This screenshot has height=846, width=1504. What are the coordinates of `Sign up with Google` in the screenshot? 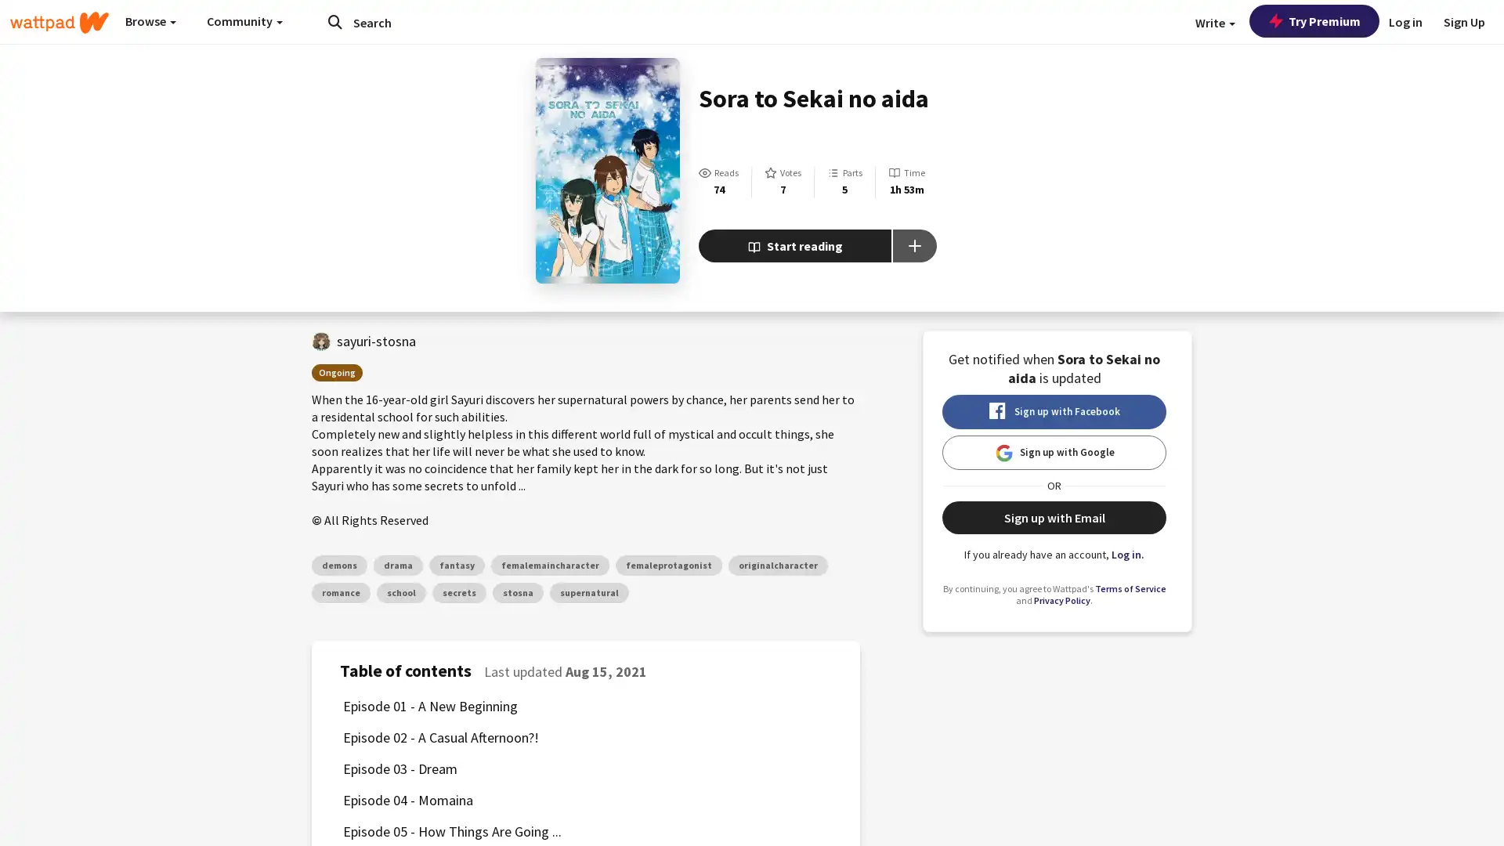 It's located at (1054, 453).